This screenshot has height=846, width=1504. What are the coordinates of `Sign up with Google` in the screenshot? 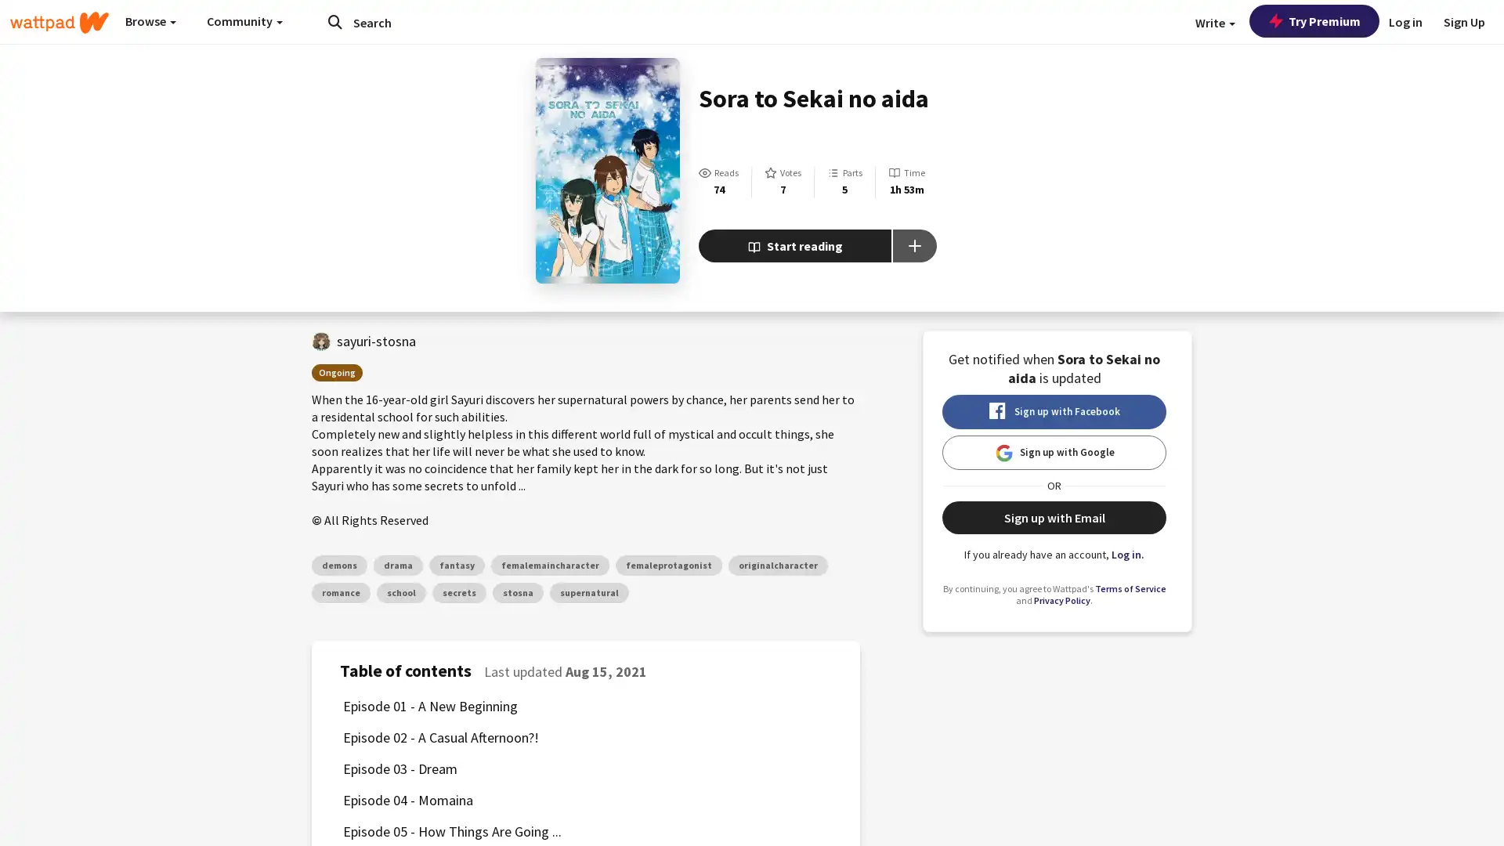 It's located at (1054, 453).